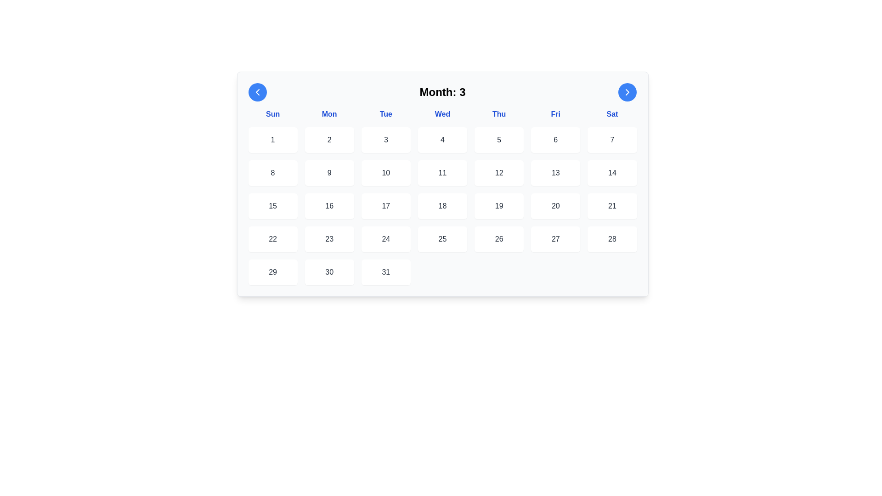  What do you see at coordinates (257, 92) in the screenshot?
I see `the leftward-pointing chevron icon within the circular blue button located on the far left of the header section, next to the 'Month: 3' heading` at bounding box center [257, 92].